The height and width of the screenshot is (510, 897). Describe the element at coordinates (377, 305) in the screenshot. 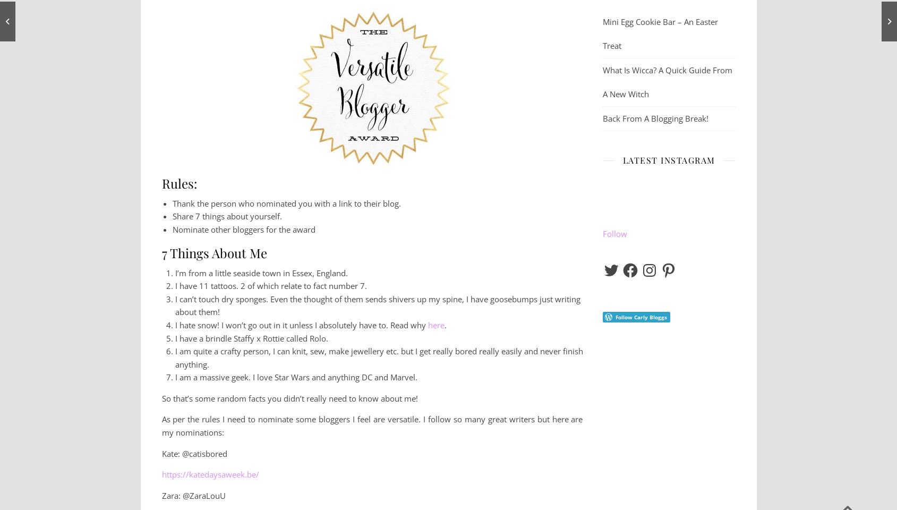

I see `'I can’t touch dry sponges. Even the thought of them sends shivers up my spine, I have goosebumps just writing about them!'` at that location.